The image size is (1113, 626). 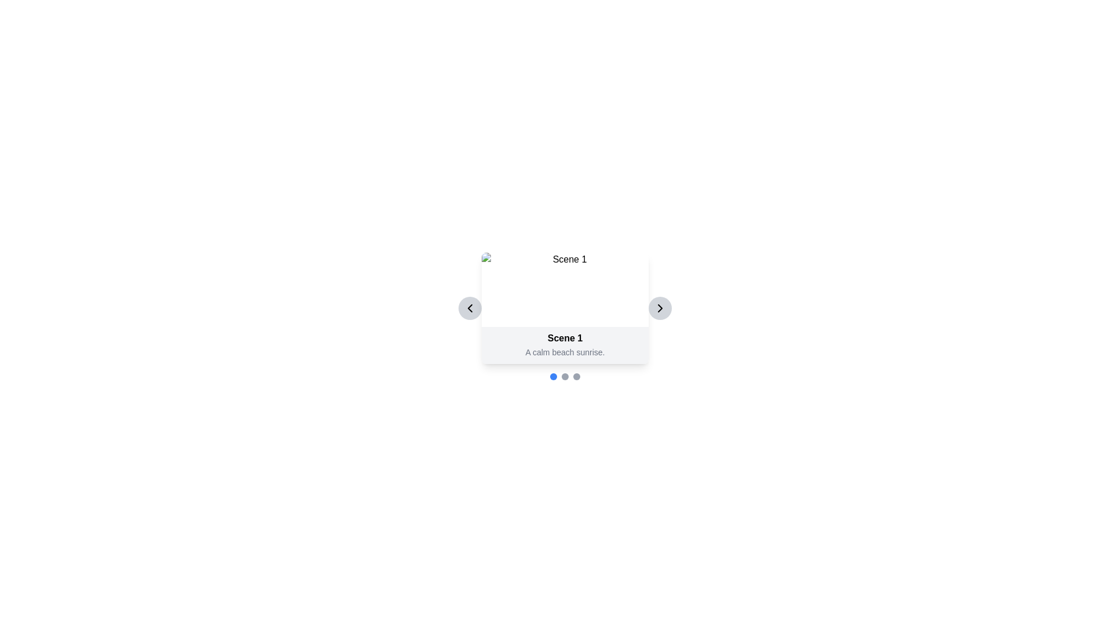 I want to click on the right-facing chevron icon on the button, so click(x=660, y=308).